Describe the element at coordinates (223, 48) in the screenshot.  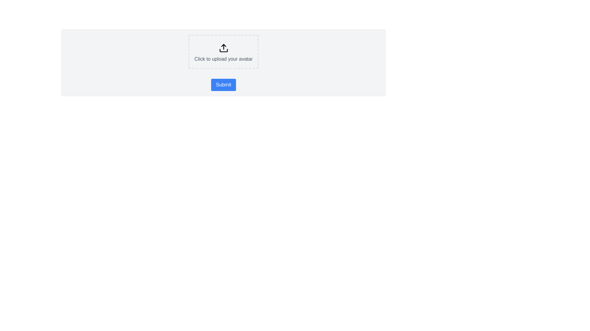
I see `the upload icon, which features an upward-pointing arrow inside a rectangular outline, located above the text 'Click to upload your avatar'` at that location.